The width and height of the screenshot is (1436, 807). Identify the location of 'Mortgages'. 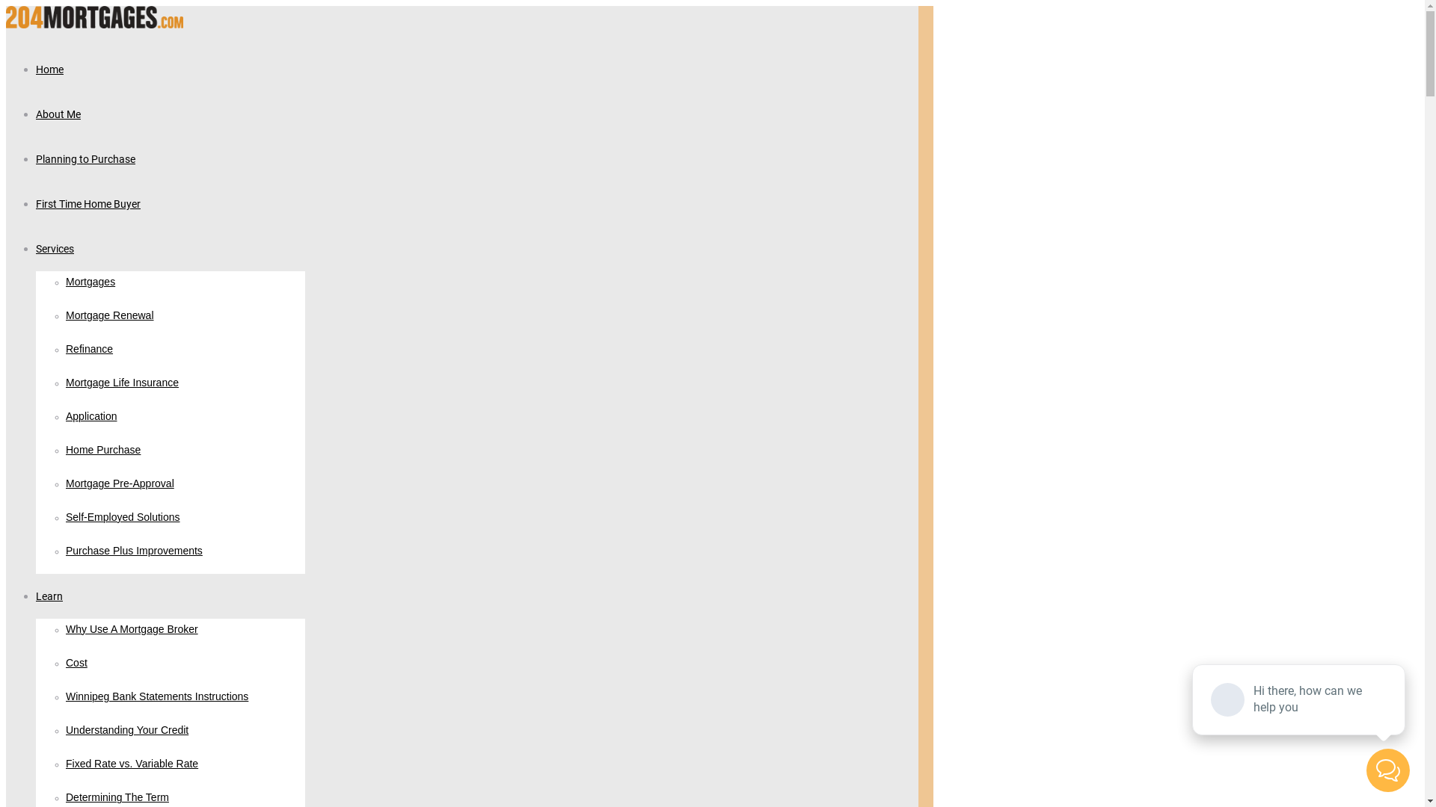
(89, 282).